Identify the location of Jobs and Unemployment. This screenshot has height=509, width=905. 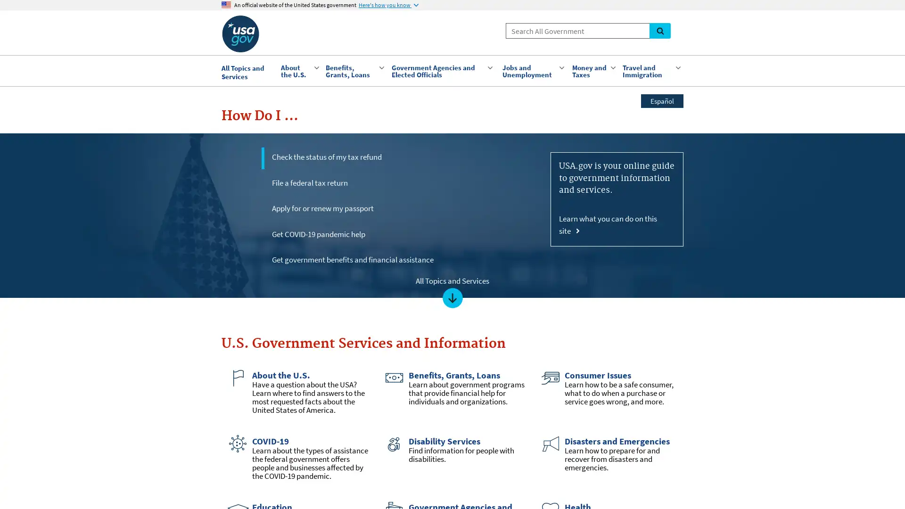
(532, 70).